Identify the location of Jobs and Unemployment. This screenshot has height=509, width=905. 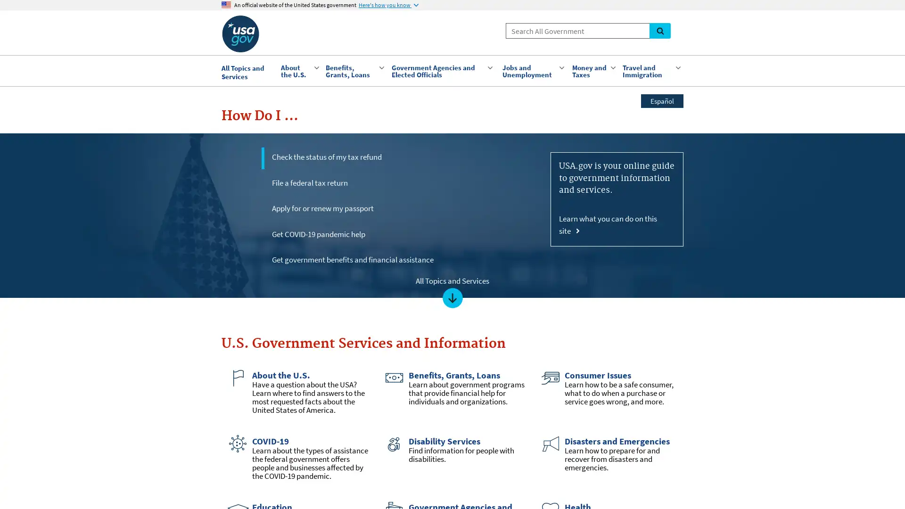
(532, 70).